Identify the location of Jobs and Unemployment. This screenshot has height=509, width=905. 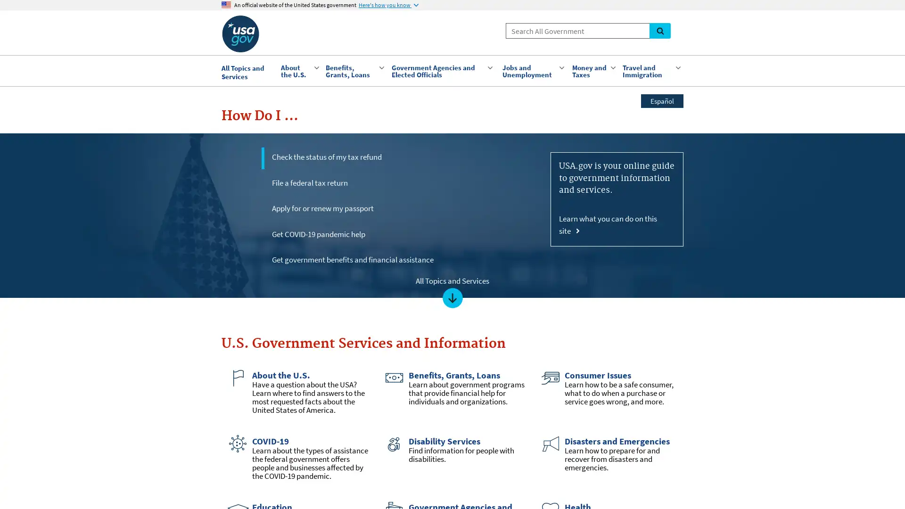
(532, 70).